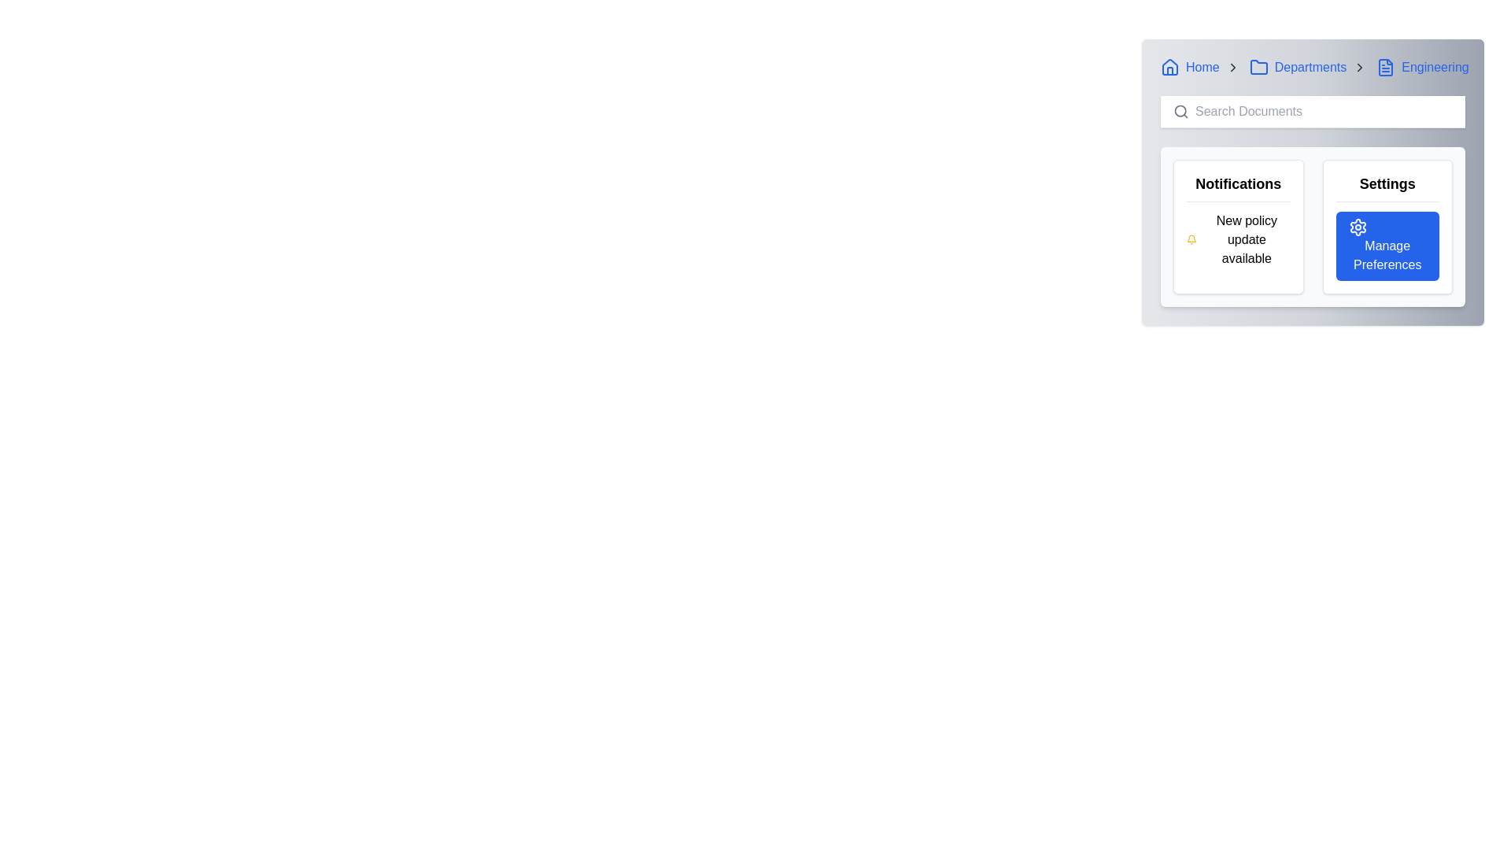 This screenshot has height=850, width=1511. I want to click on the breadcrumb link labeled 'Home' at the top left of the interface, so click(1199, 66).